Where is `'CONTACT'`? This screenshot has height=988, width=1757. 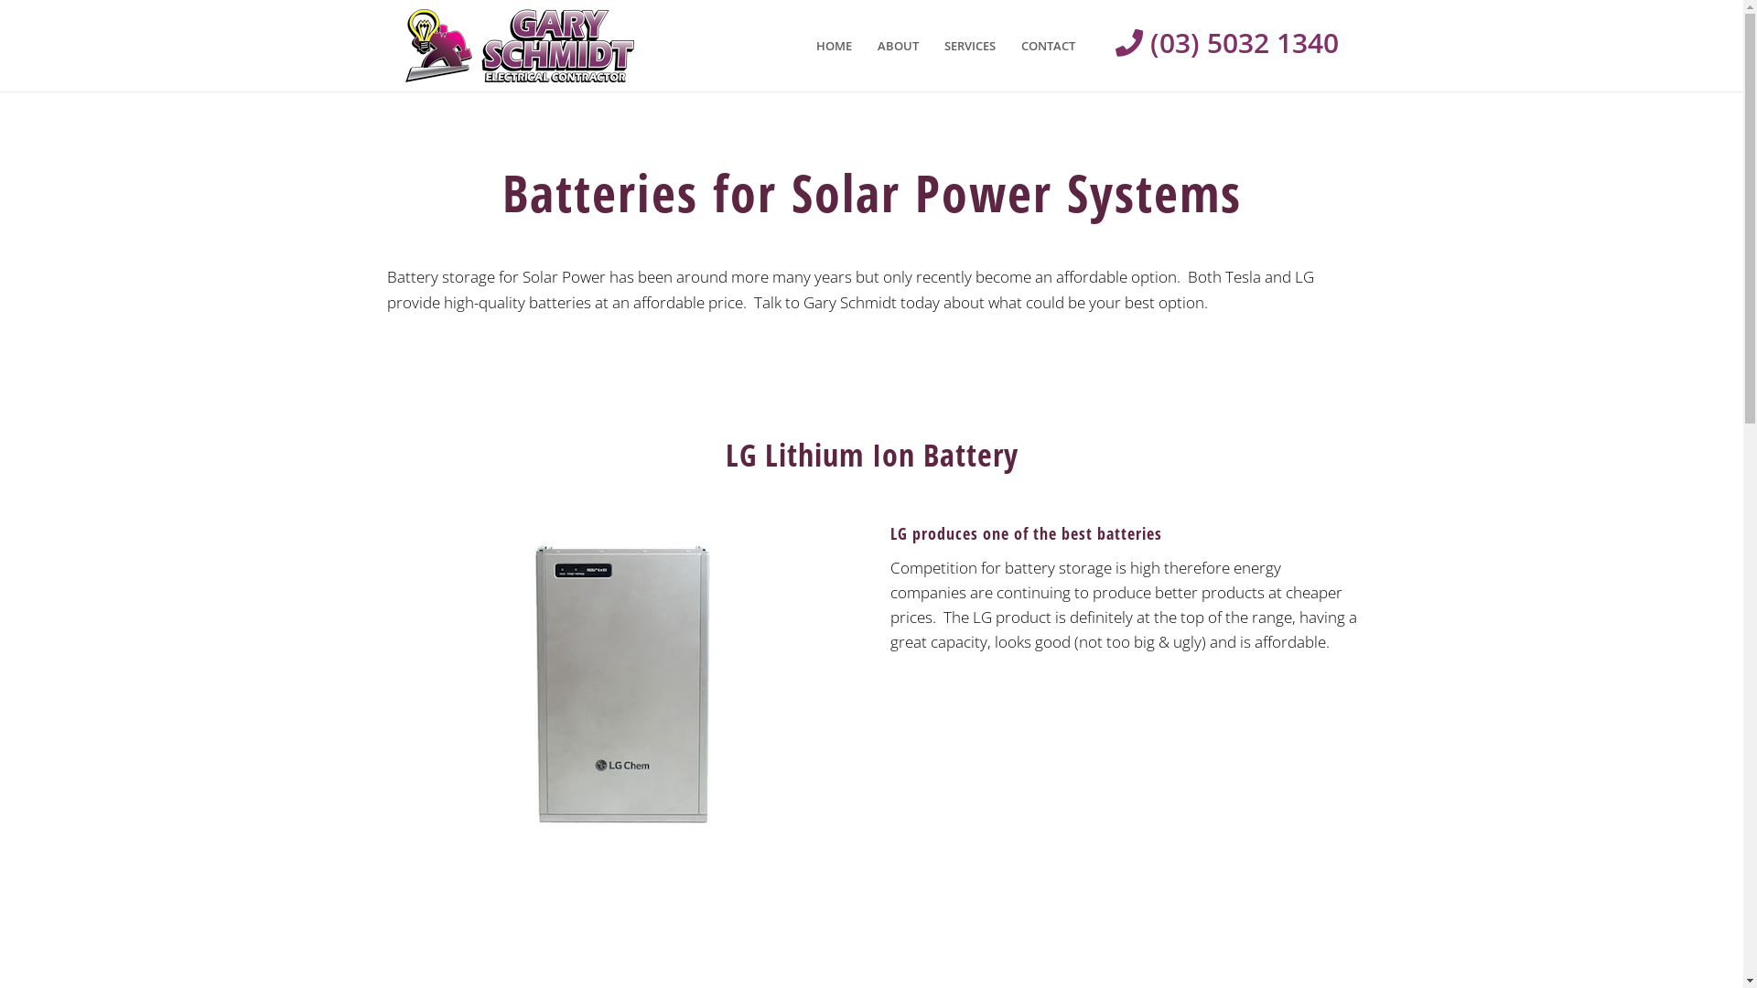
'CONTACT' is located at coordinates (1008, 45).